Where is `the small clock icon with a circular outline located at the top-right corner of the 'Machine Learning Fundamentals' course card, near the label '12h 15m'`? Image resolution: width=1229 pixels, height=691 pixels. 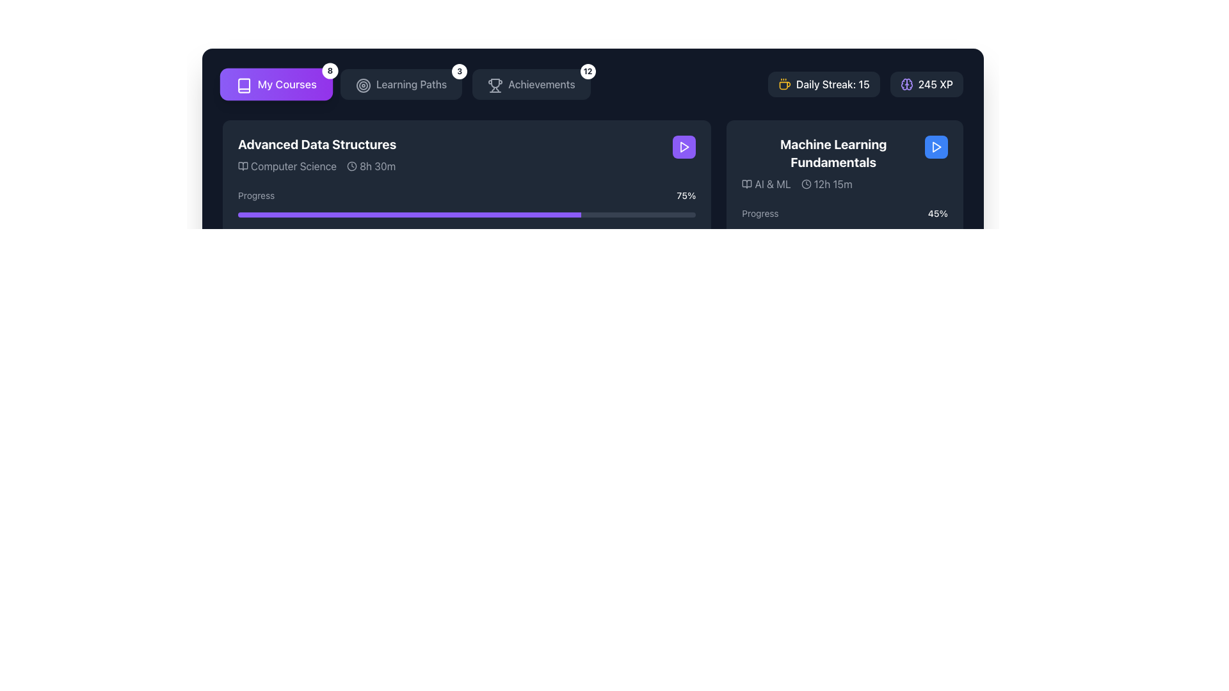 the small clock icon with a circular outline located at the top-right corner of the 'Machine Learning Fundamentals' course card, near the label '12h 15m' is located at coordinates (805, 184).